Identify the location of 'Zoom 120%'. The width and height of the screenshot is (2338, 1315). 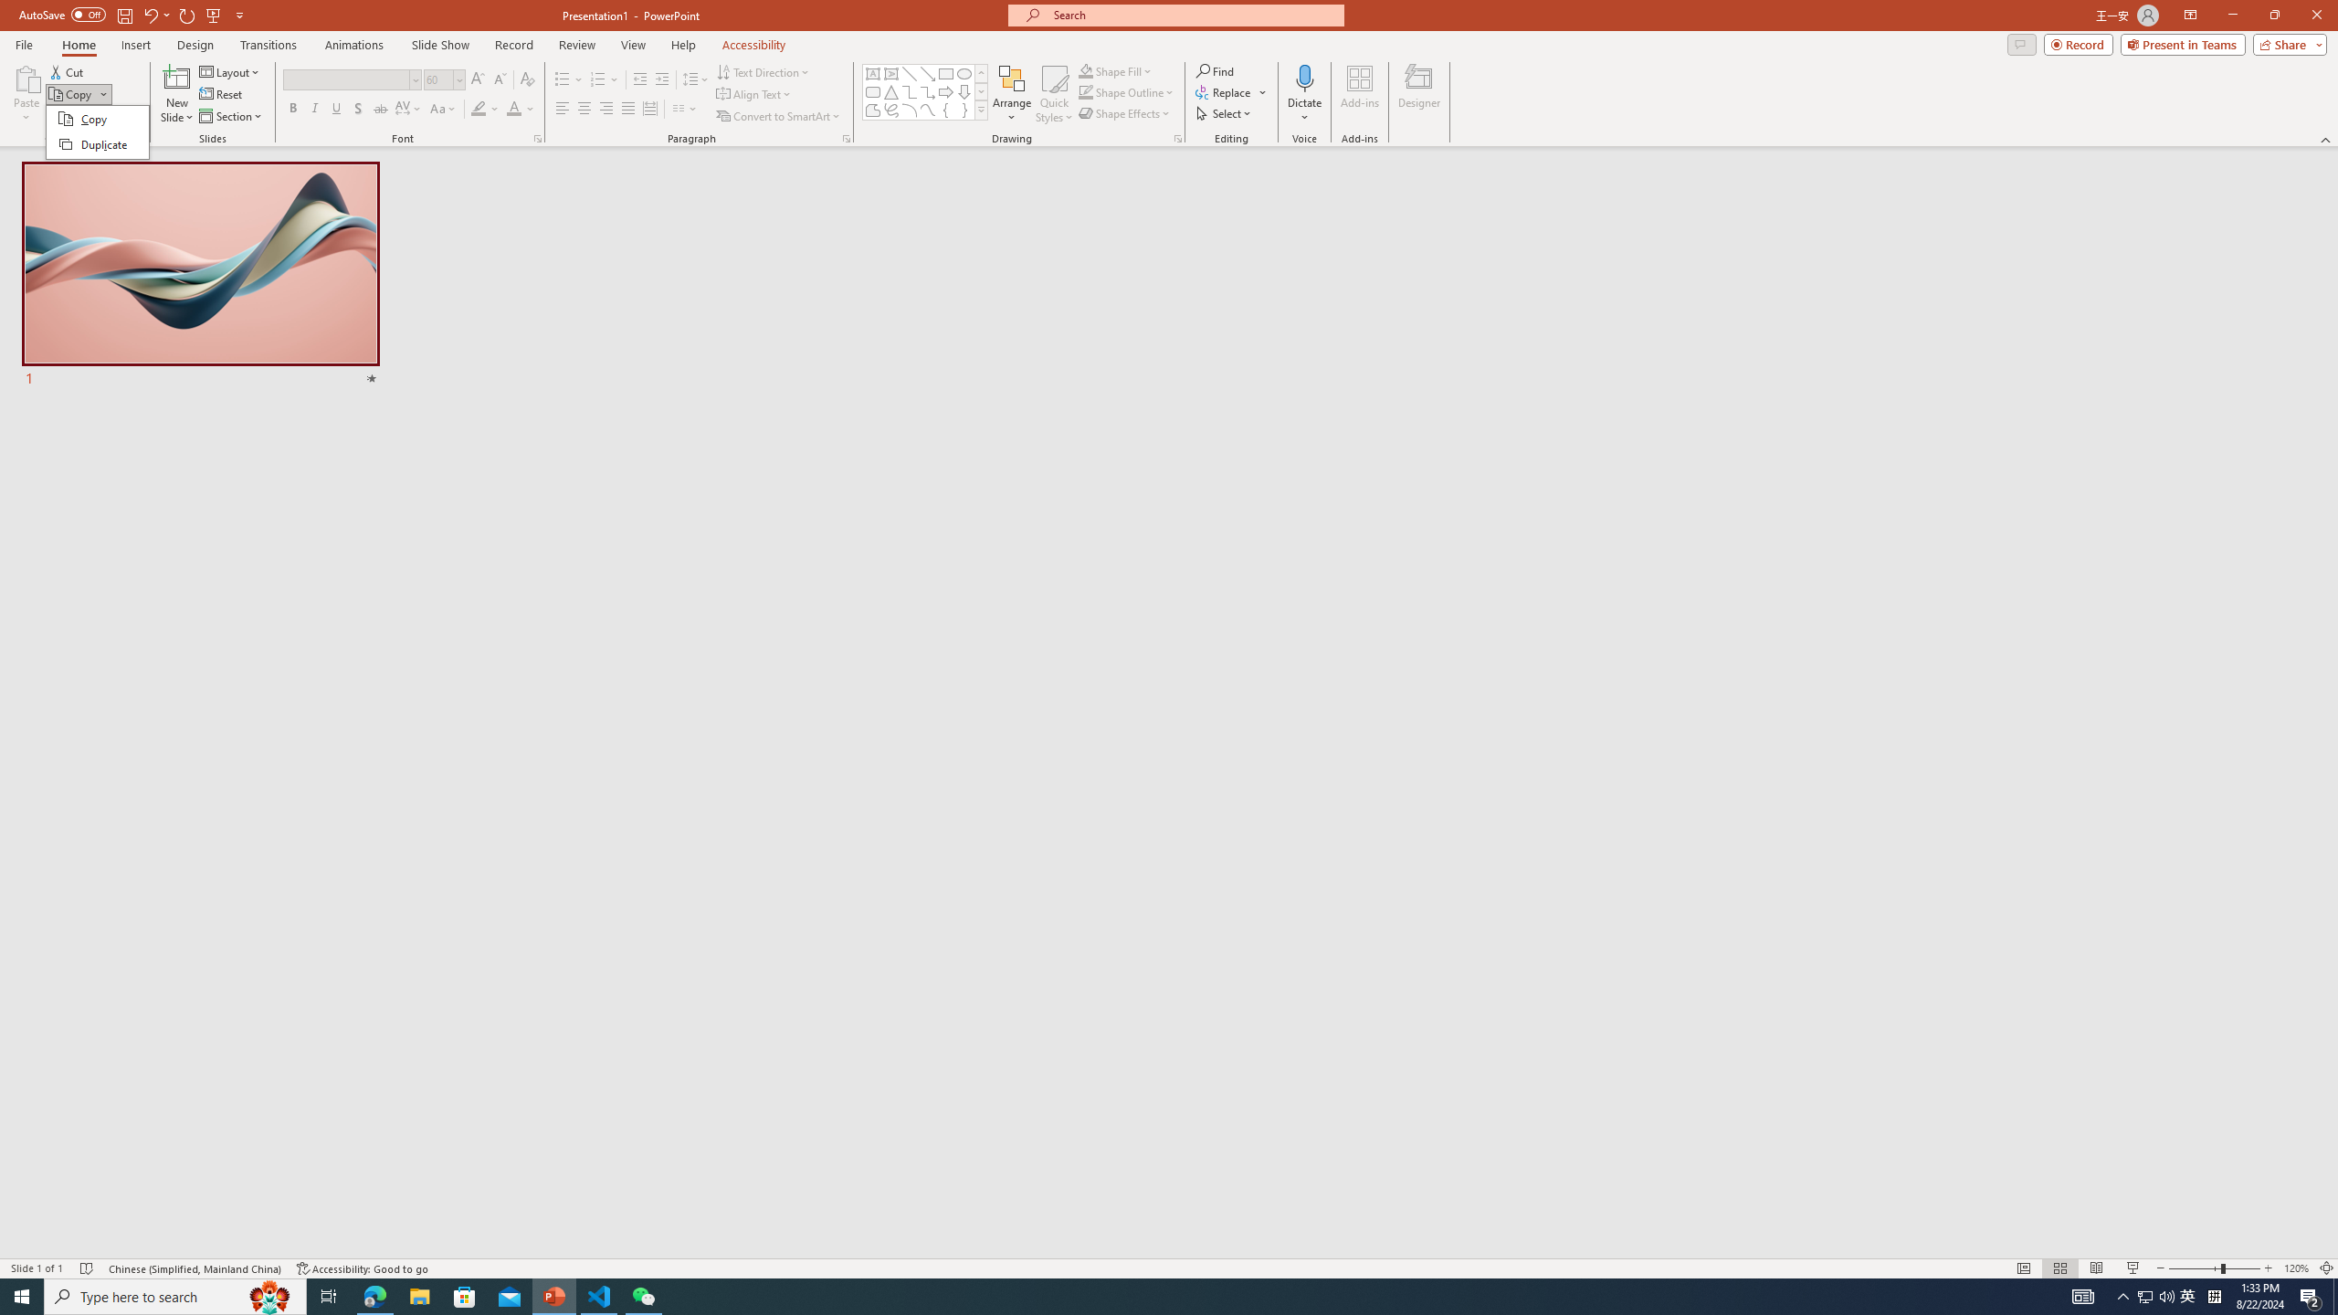
(2297, 1268).